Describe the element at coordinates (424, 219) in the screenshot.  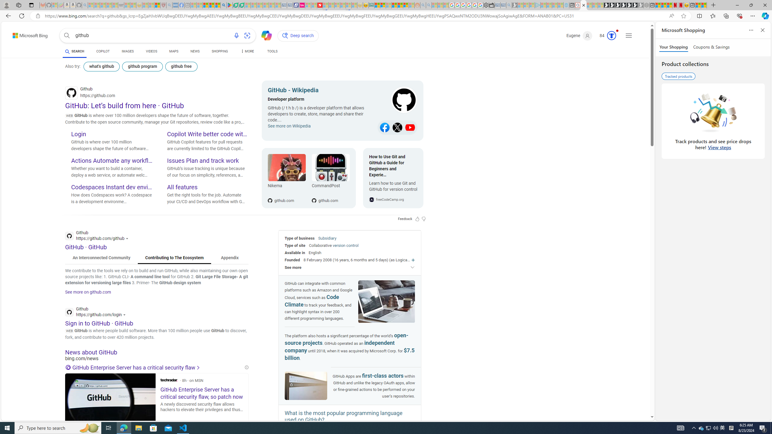
I see `'Feedback Dislike'` at that location.